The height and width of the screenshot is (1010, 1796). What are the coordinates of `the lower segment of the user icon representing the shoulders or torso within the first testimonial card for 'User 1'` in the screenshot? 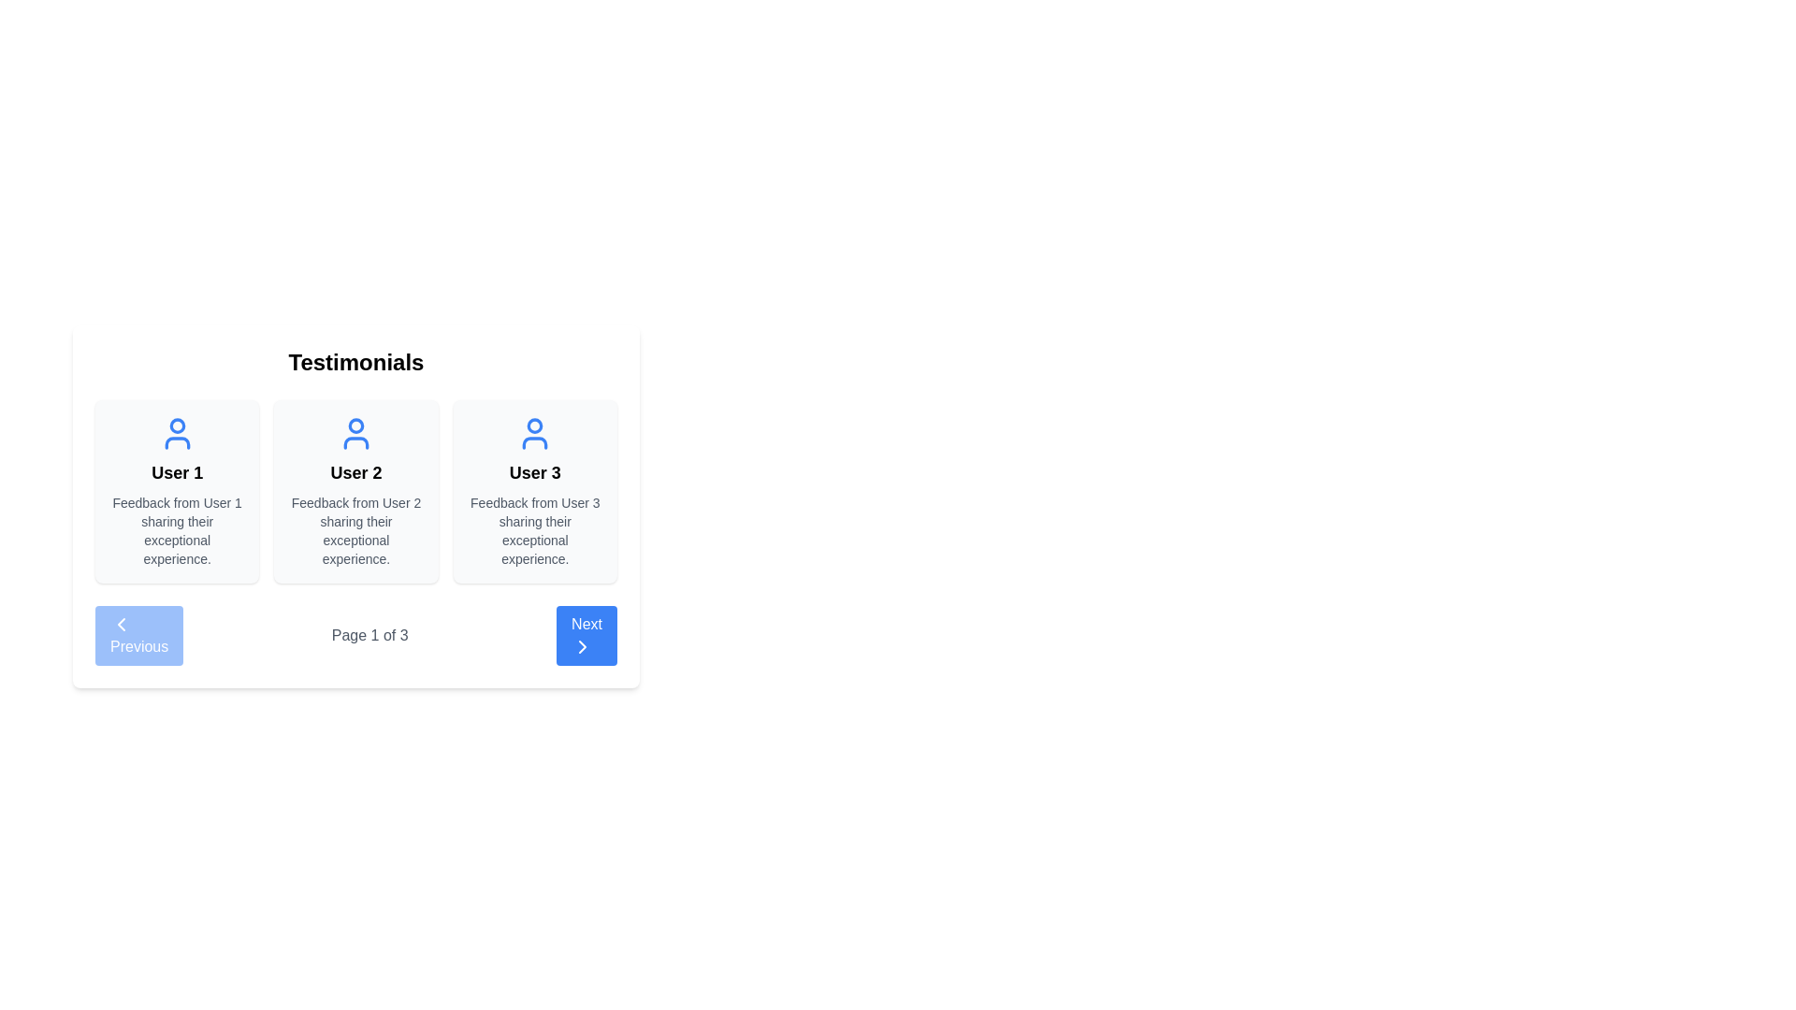 It's located at (177, 443).